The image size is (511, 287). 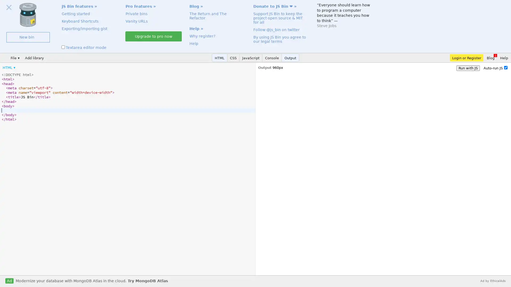 What do you see at coordinates (272, 58) in the screenshot?
I see `Console Panel: Inactive` at bounding box center [272, 58].